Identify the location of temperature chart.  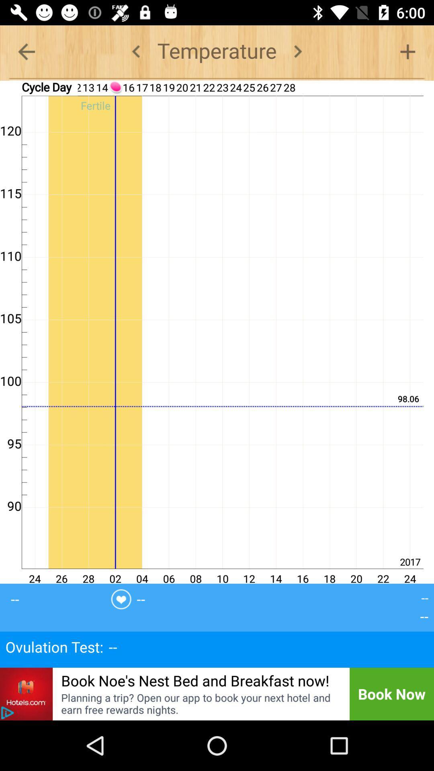
(7, 713).